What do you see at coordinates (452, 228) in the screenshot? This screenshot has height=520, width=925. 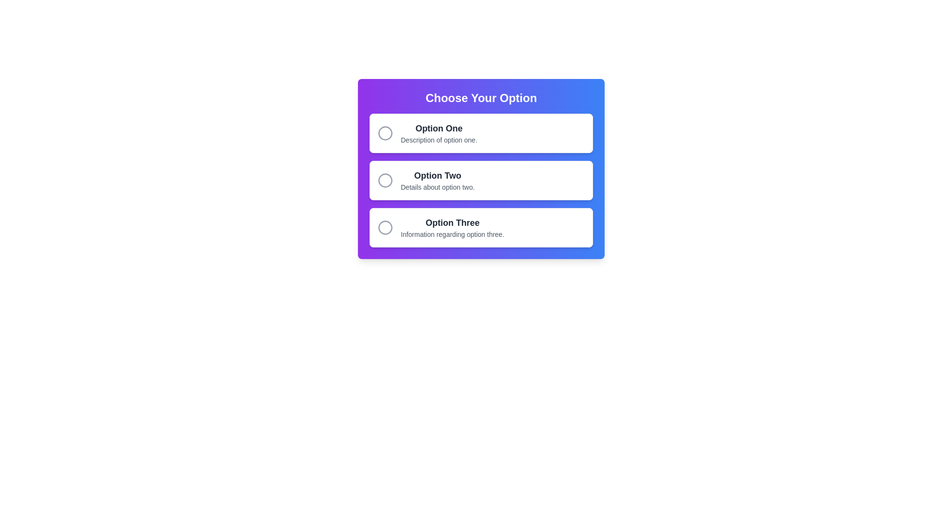 I see `the text block titled 'Option Three' which includes the description 'Information regarding option three.'` at bounding box center [452, 228].